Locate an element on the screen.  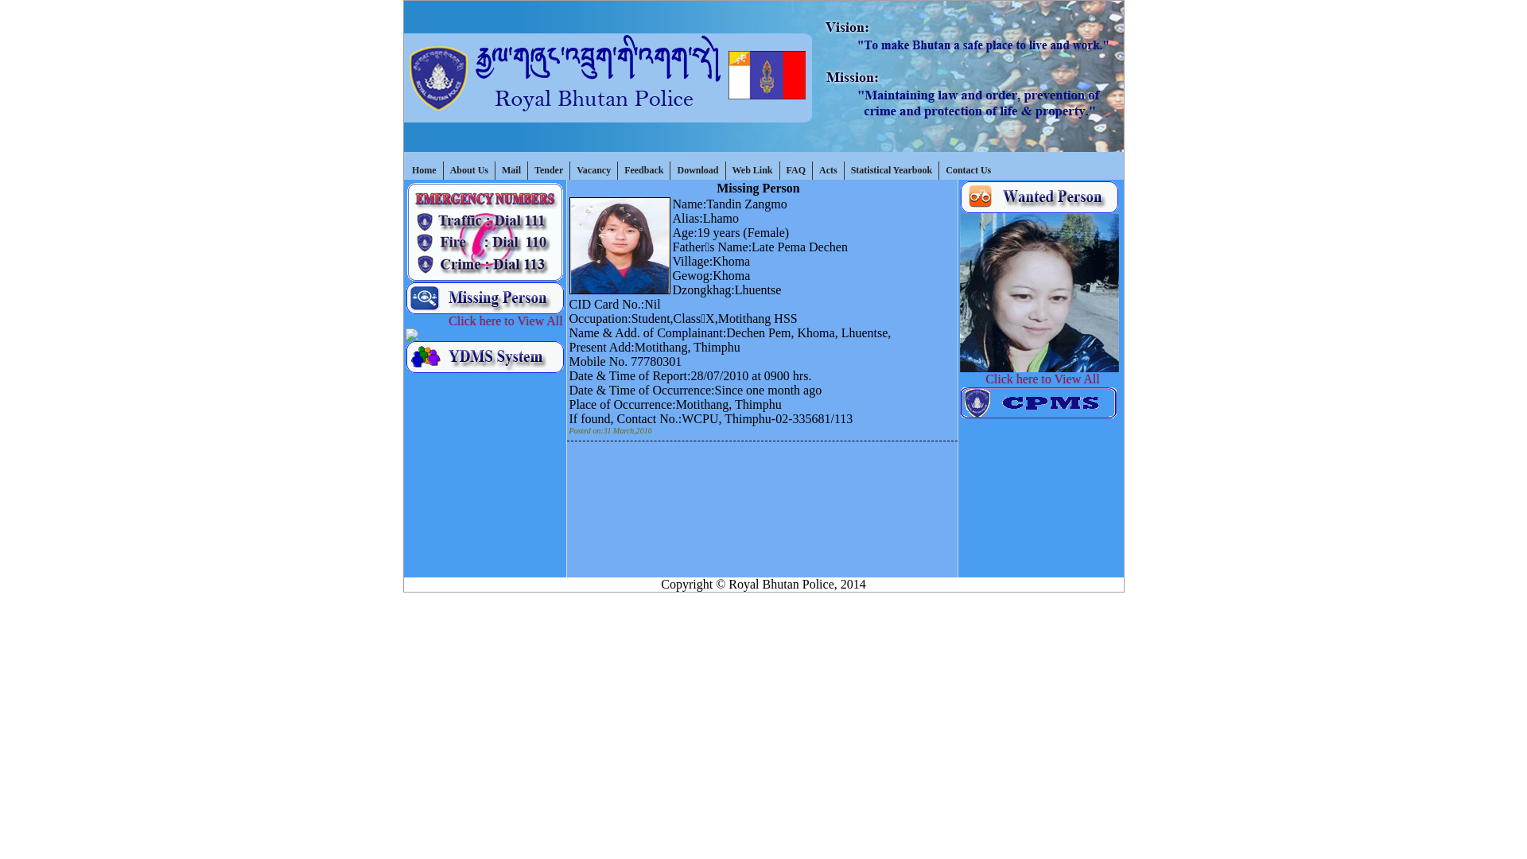
'Vacancy' is located at coordinates (593, 170).